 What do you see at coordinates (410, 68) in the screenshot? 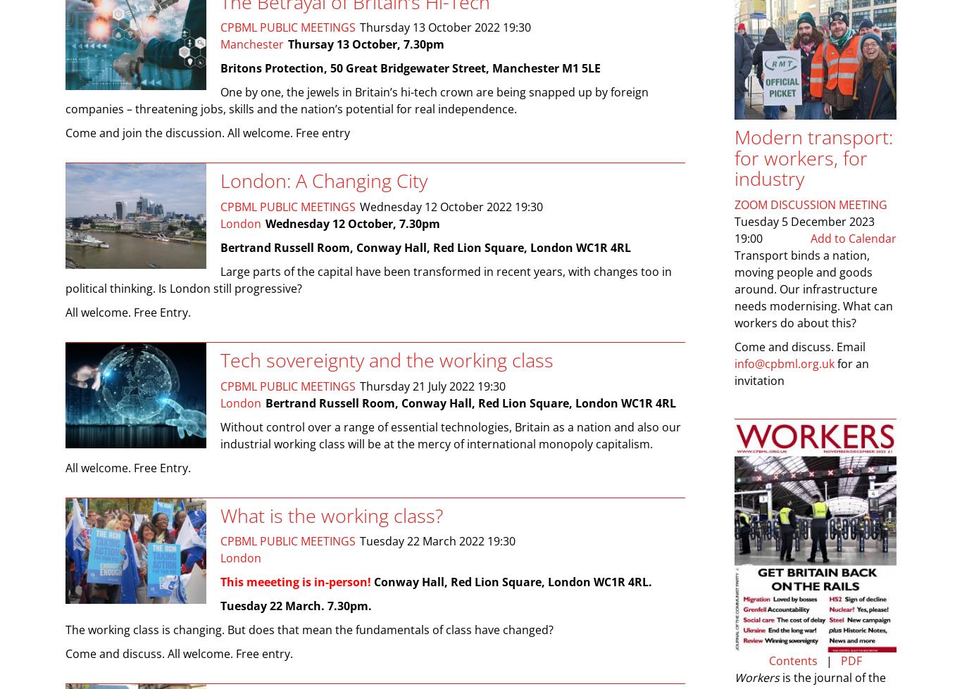
I see `'Britons Protection, 50 Great Bridgewater Street, Manchester M1 5LE'` at bounding box center [410, 68].